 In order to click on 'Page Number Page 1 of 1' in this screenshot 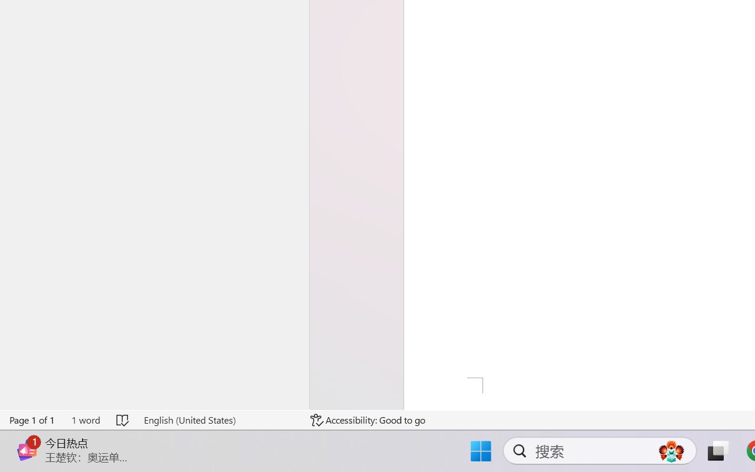, I will do `click(32, 419)`.